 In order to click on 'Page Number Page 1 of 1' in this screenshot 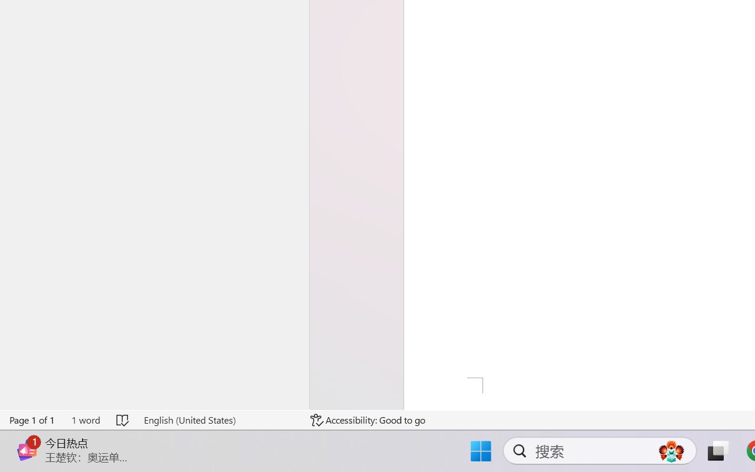, I will do `click(32, 419)`.